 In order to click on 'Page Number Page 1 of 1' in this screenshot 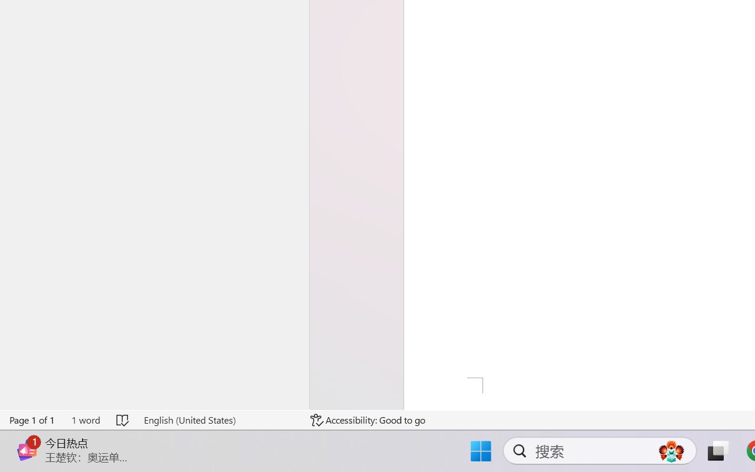, I will do `click(32, 419)`.